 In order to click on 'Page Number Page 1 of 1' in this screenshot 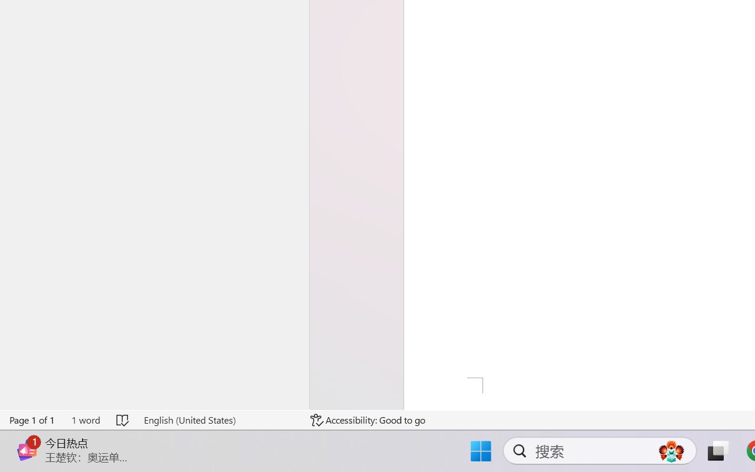, I will do `click(32, 419)`.